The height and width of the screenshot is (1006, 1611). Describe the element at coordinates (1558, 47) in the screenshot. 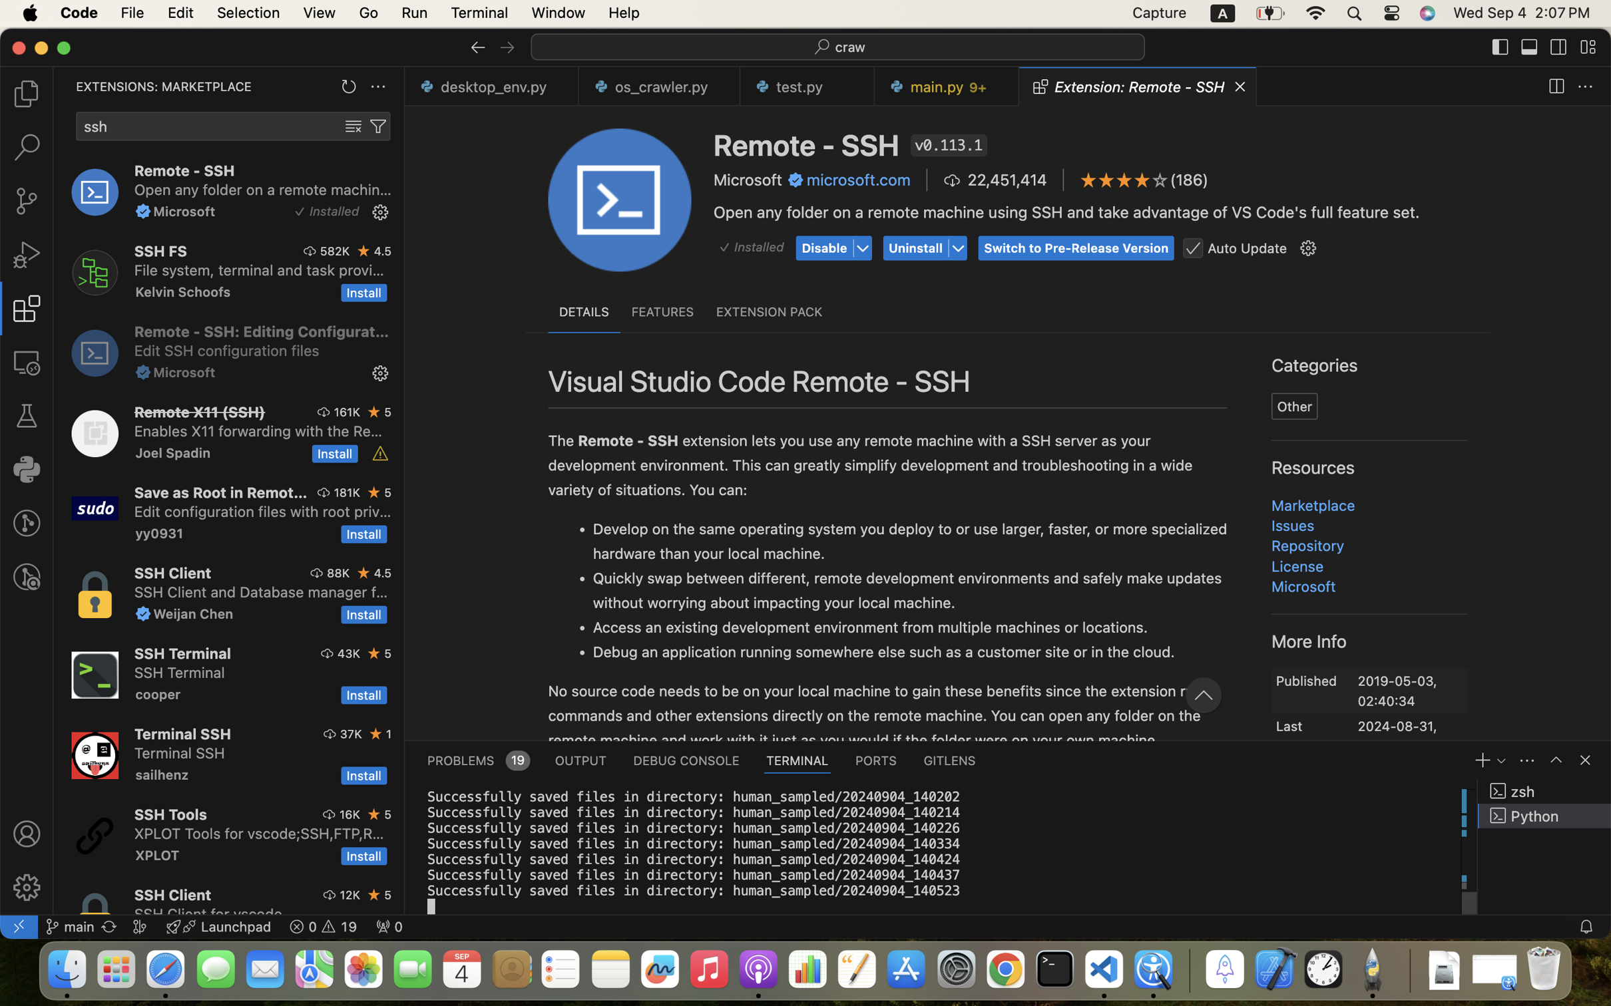

I see `''` at that location.